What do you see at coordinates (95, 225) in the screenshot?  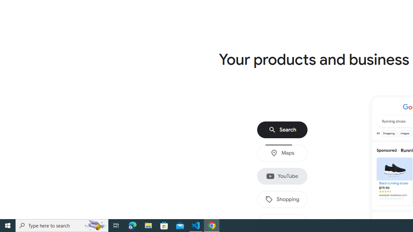 I see `'Search highlights icon opens search home window'` at bounding box center [95, 225].